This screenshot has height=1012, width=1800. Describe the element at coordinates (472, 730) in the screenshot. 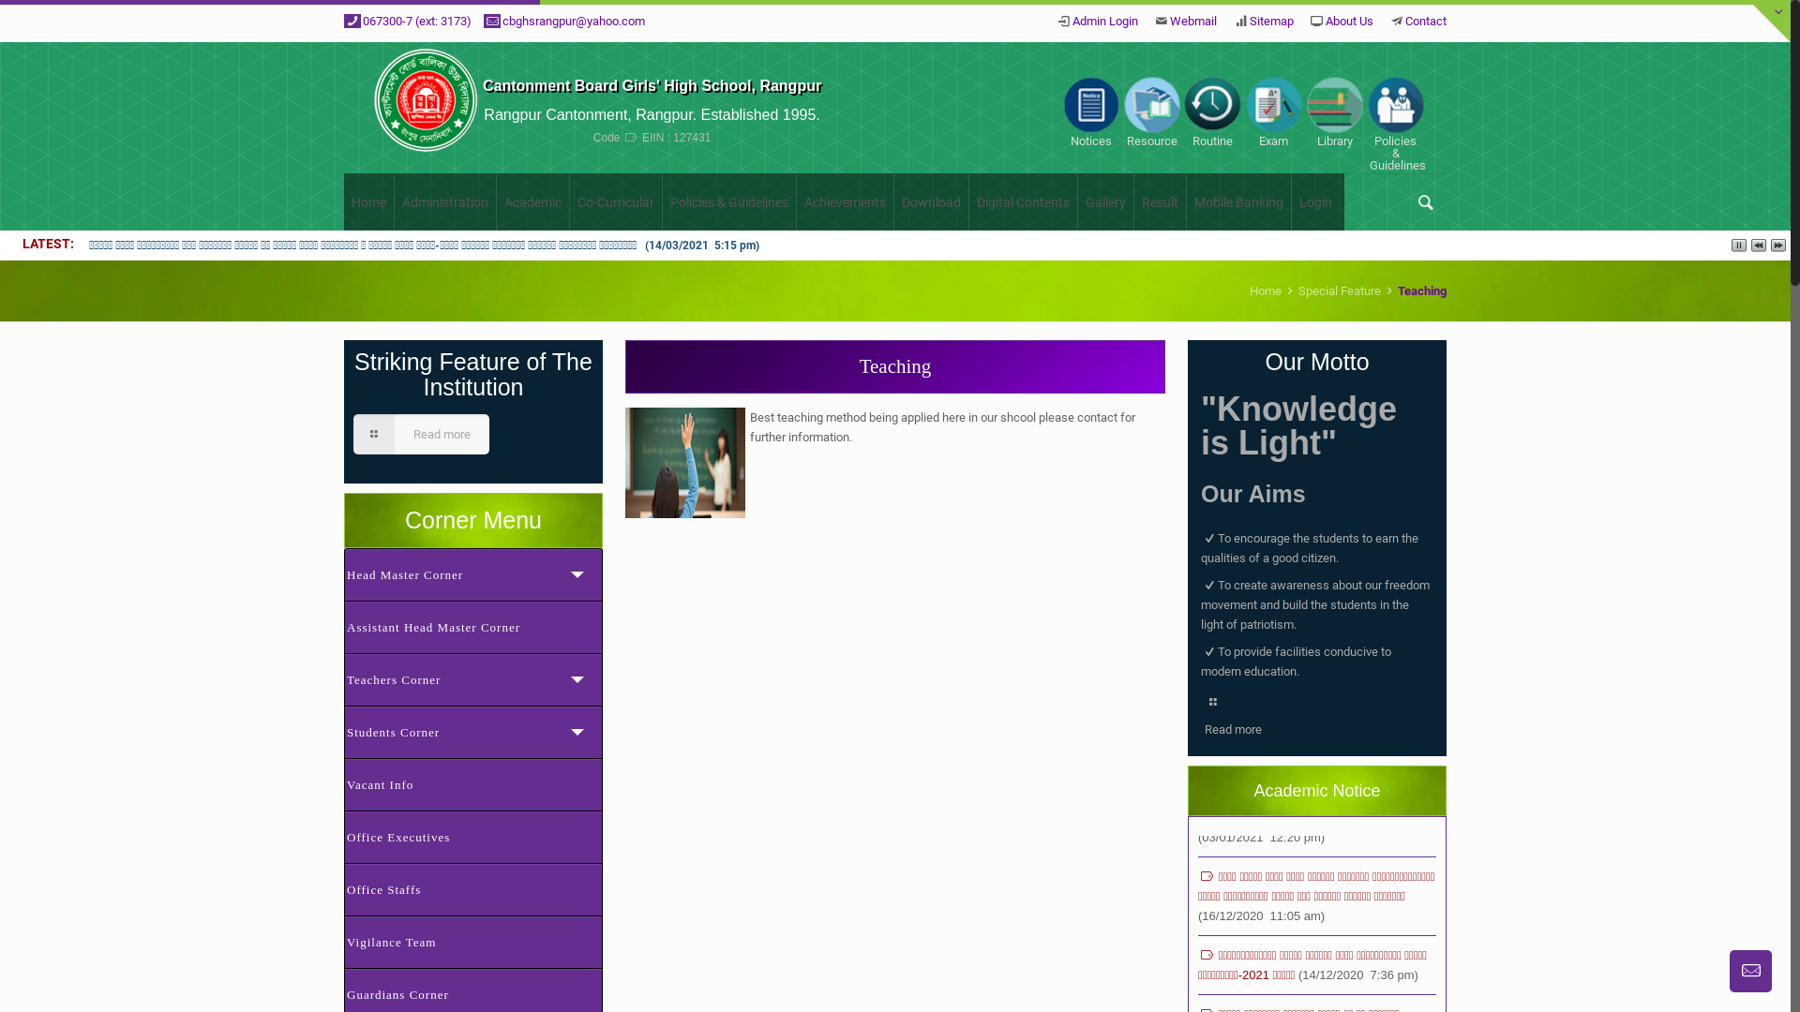

I see `'Students Corner'` at that location.